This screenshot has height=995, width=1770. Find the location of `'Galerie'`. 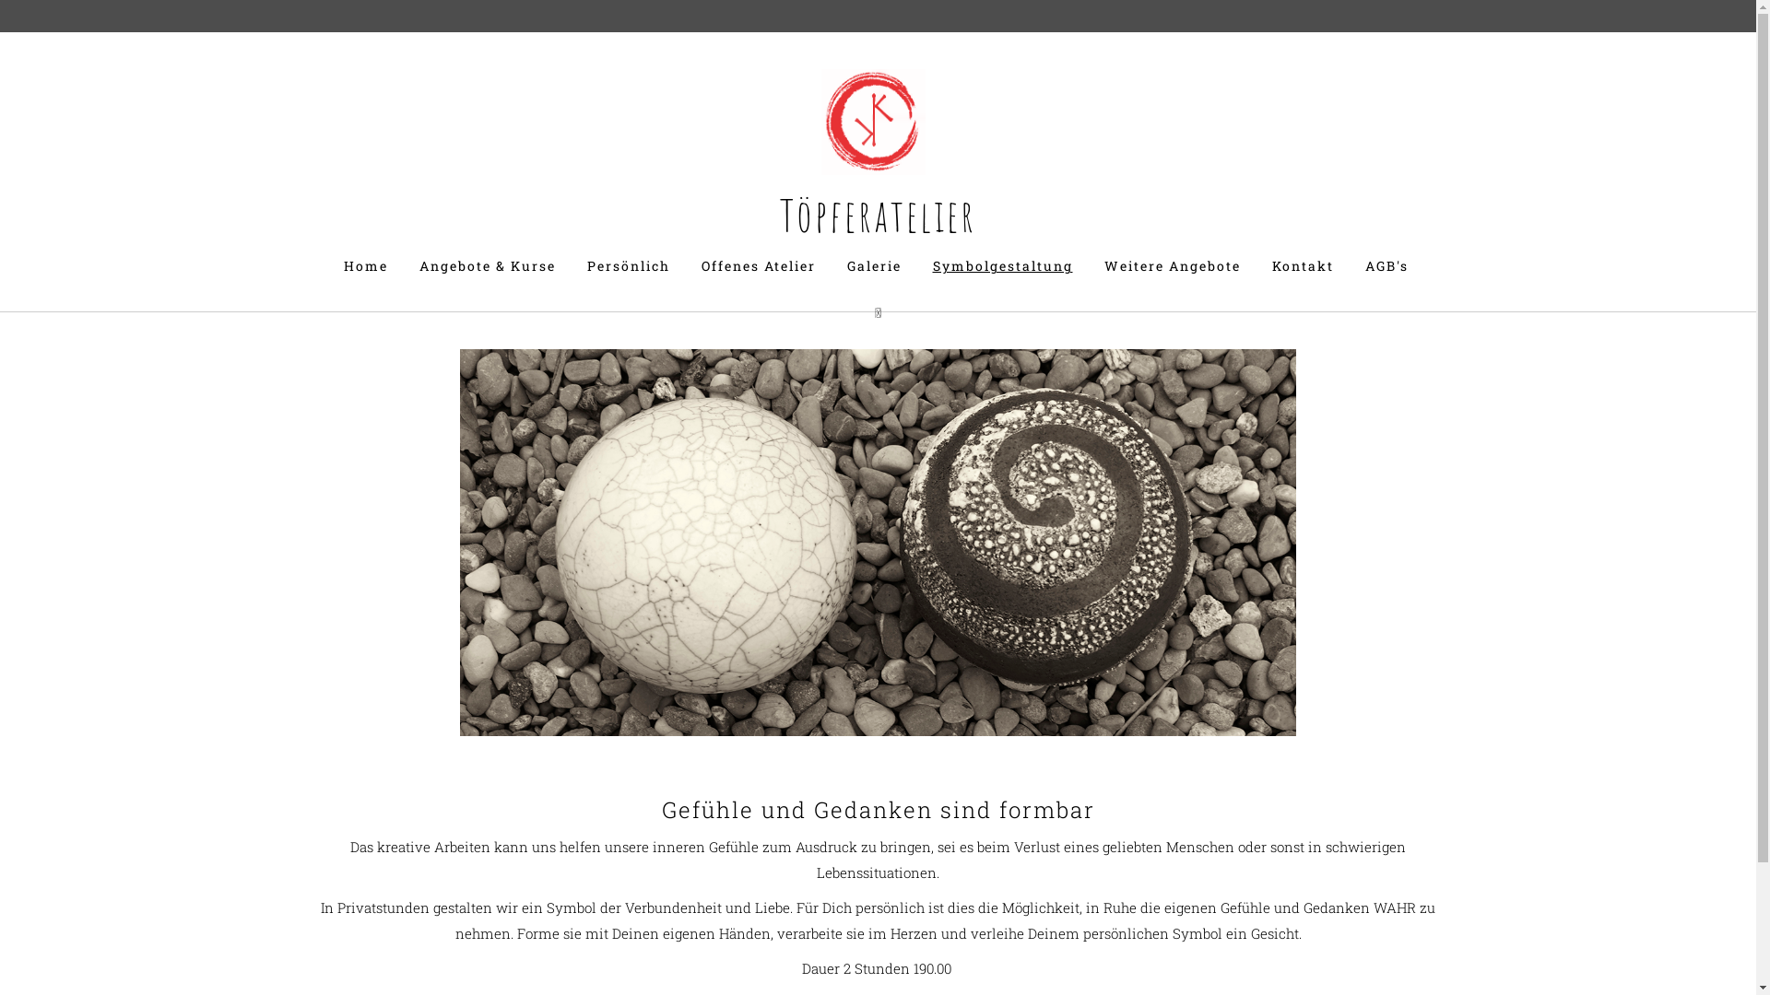

'Galerie' is located at coordinates (873, 266).